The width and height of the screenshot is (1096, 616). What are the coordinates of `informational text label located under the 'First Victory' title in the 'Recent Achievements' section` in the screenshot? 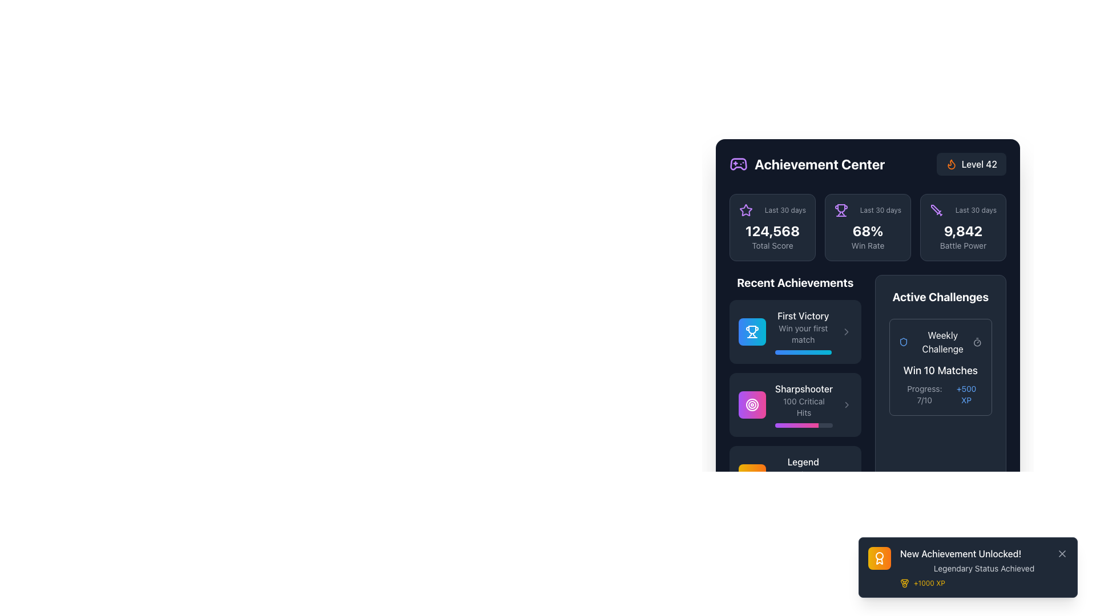 It's located at (803, 334).